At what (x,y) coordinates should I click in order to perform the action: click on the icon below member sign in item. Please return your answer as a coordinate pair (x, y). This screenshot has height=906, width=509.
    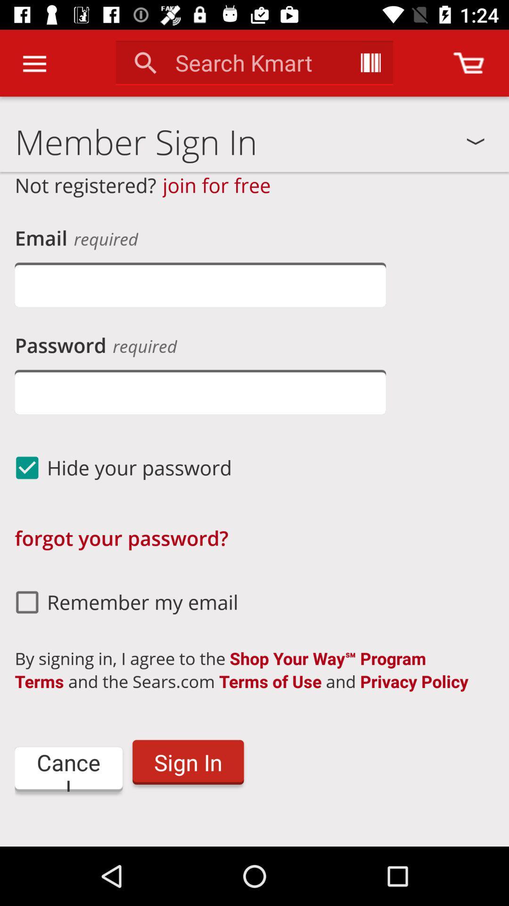
    Looking at the image, I should click on (216, 185).